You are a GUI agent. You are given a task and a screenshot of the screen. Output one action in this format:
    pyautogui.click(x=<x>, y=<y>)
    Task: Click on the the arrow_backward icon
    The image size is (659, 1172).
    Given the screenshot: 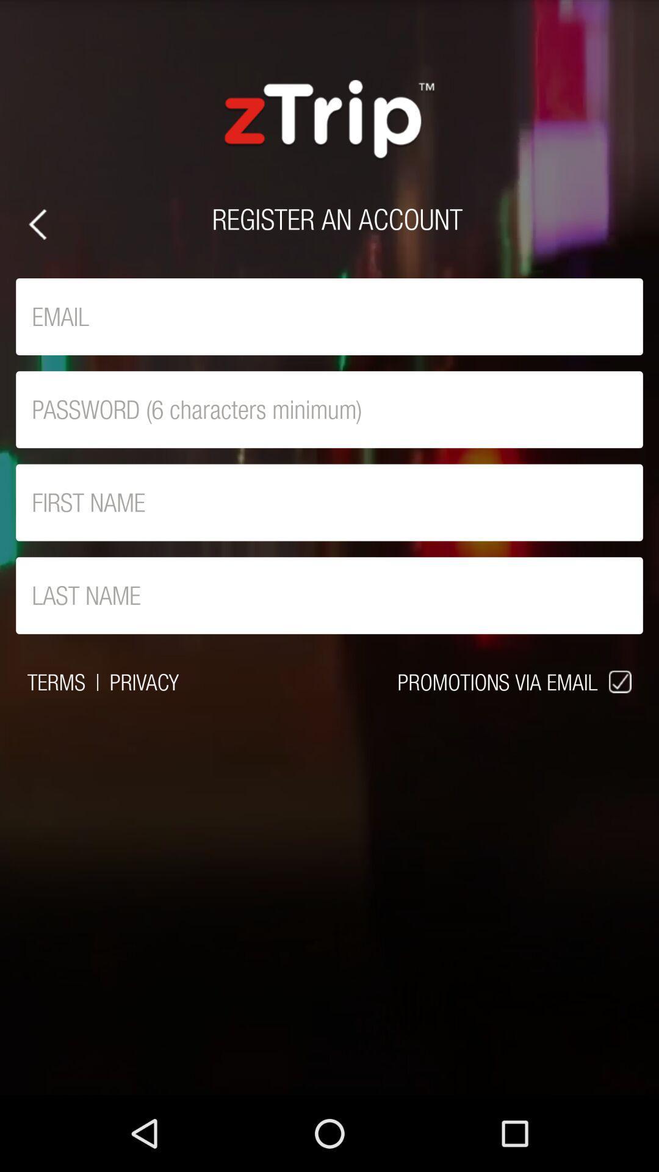 What is the action you would take?
    pyautogui.click(x=37, y=240)
    